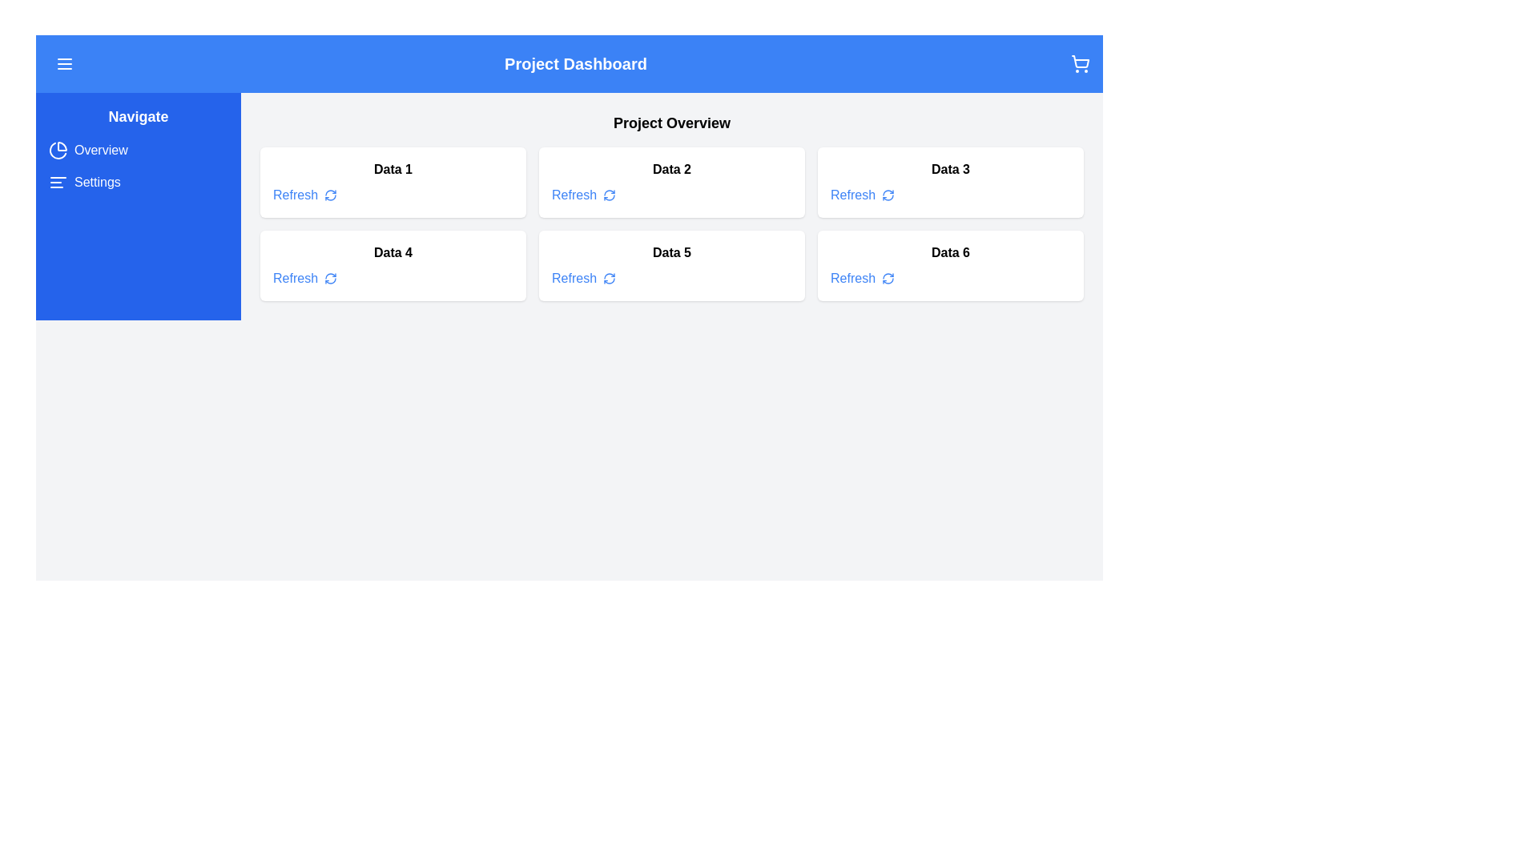 The height and width of the screenshot is (865, 1538). I want to click on the shopping cart icon located in the top-right corner of the blue toolbar, so click(1080, 63).